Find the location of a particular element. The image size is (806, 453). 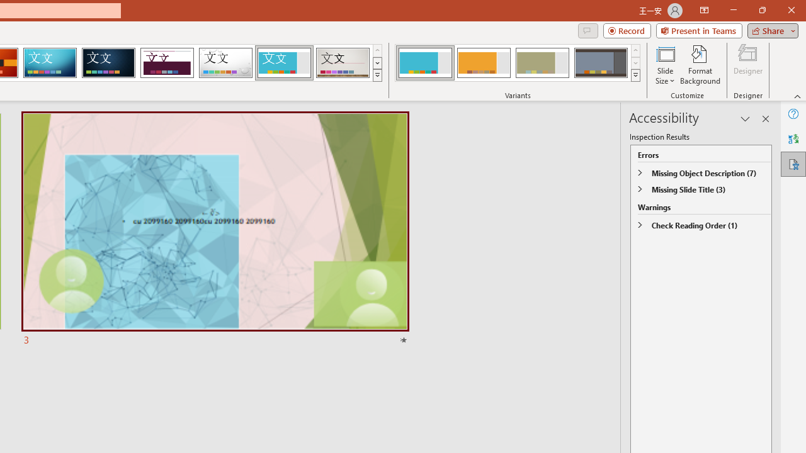

'Dividend' is located at coordinates (166, 63).